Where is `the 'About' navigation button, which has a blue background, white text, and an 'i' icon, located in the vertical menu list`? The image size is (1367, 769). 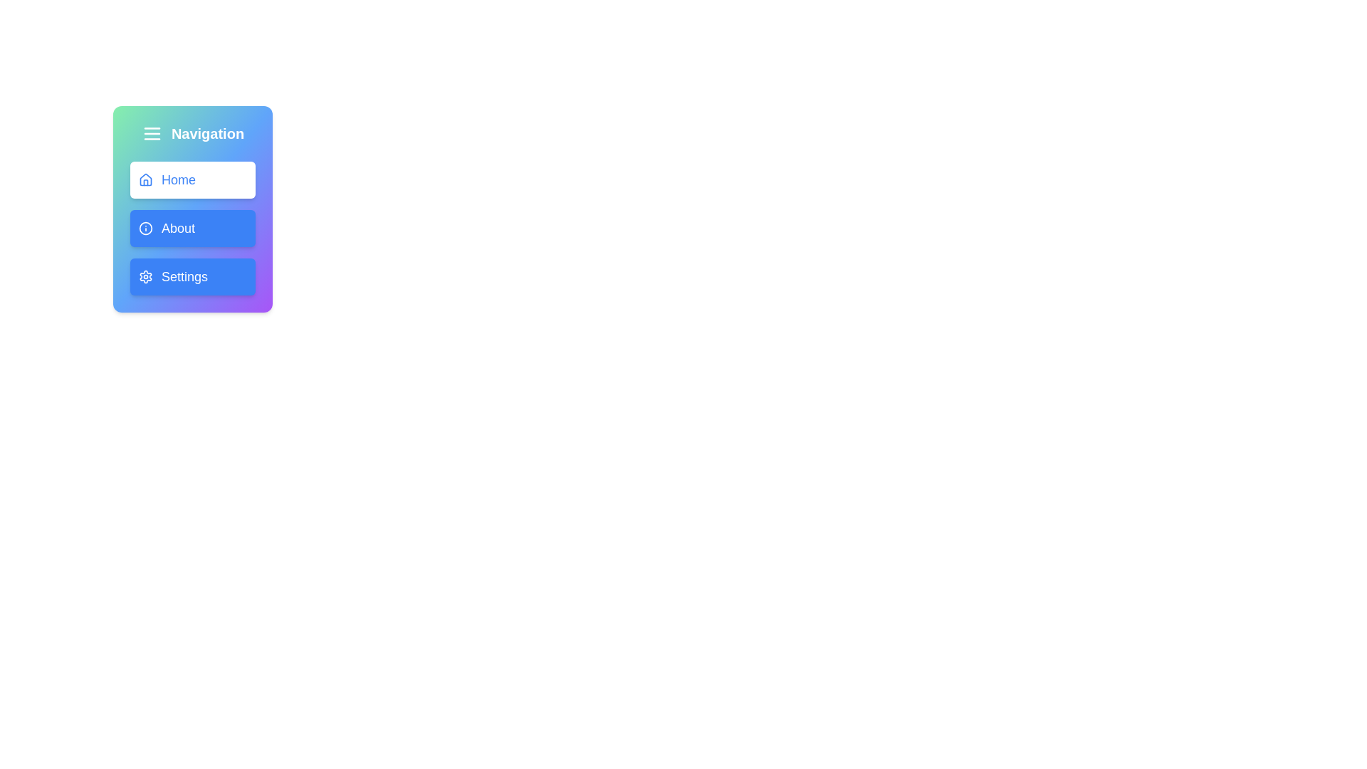
the 'About' navigation button, which has a blue background, white text, and an 'i' icon, located in the vertical menu list is located at coordinates (192, 227).